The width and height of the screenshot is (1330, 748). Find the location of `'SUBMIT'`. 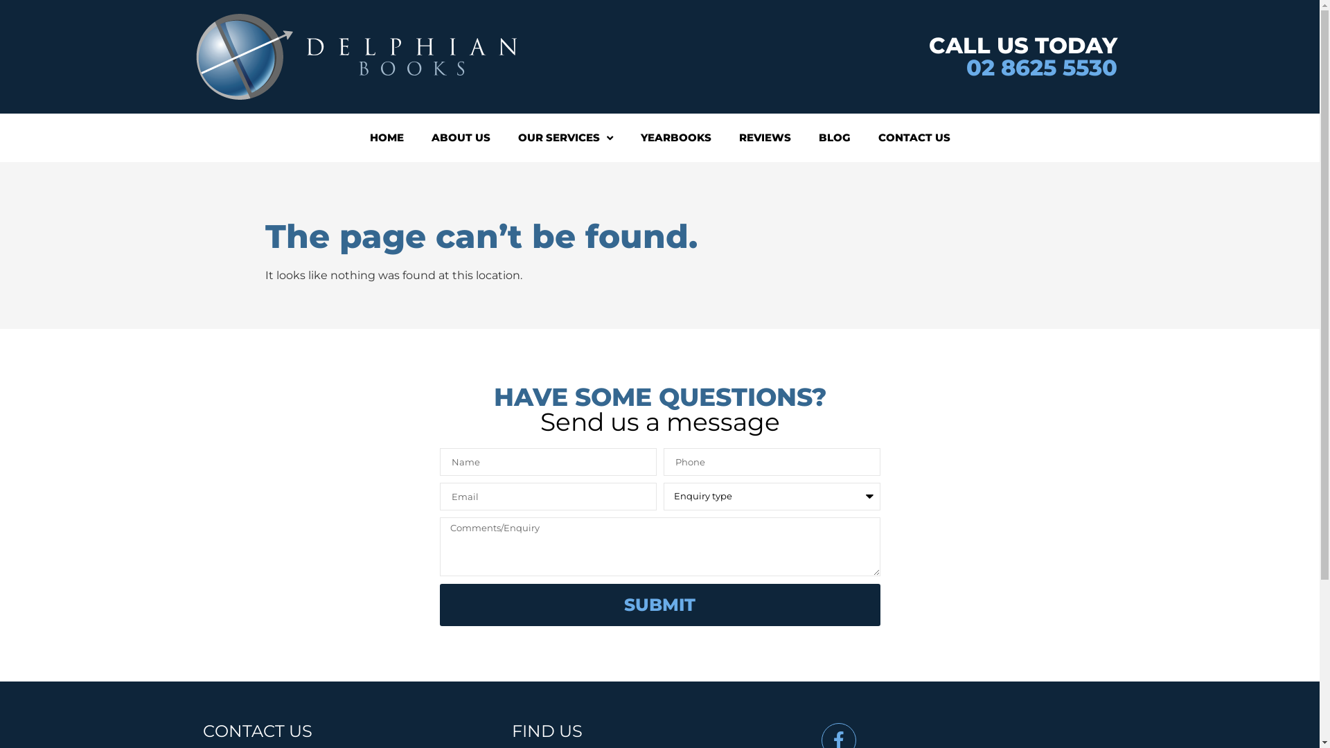

'SUBMIT' is located at coordinates (658, 604).